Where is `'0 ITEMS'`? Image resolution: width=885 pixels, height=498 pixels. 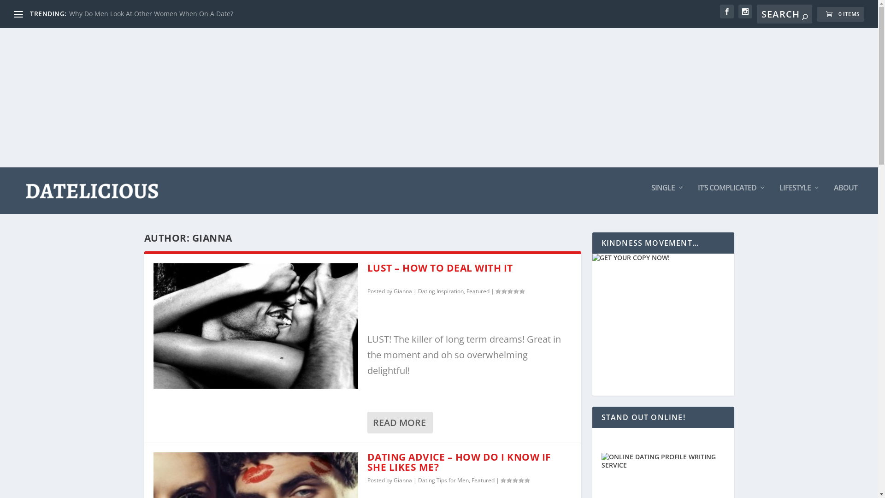
'0 ITEMS' is located at coordinates (840, 14).